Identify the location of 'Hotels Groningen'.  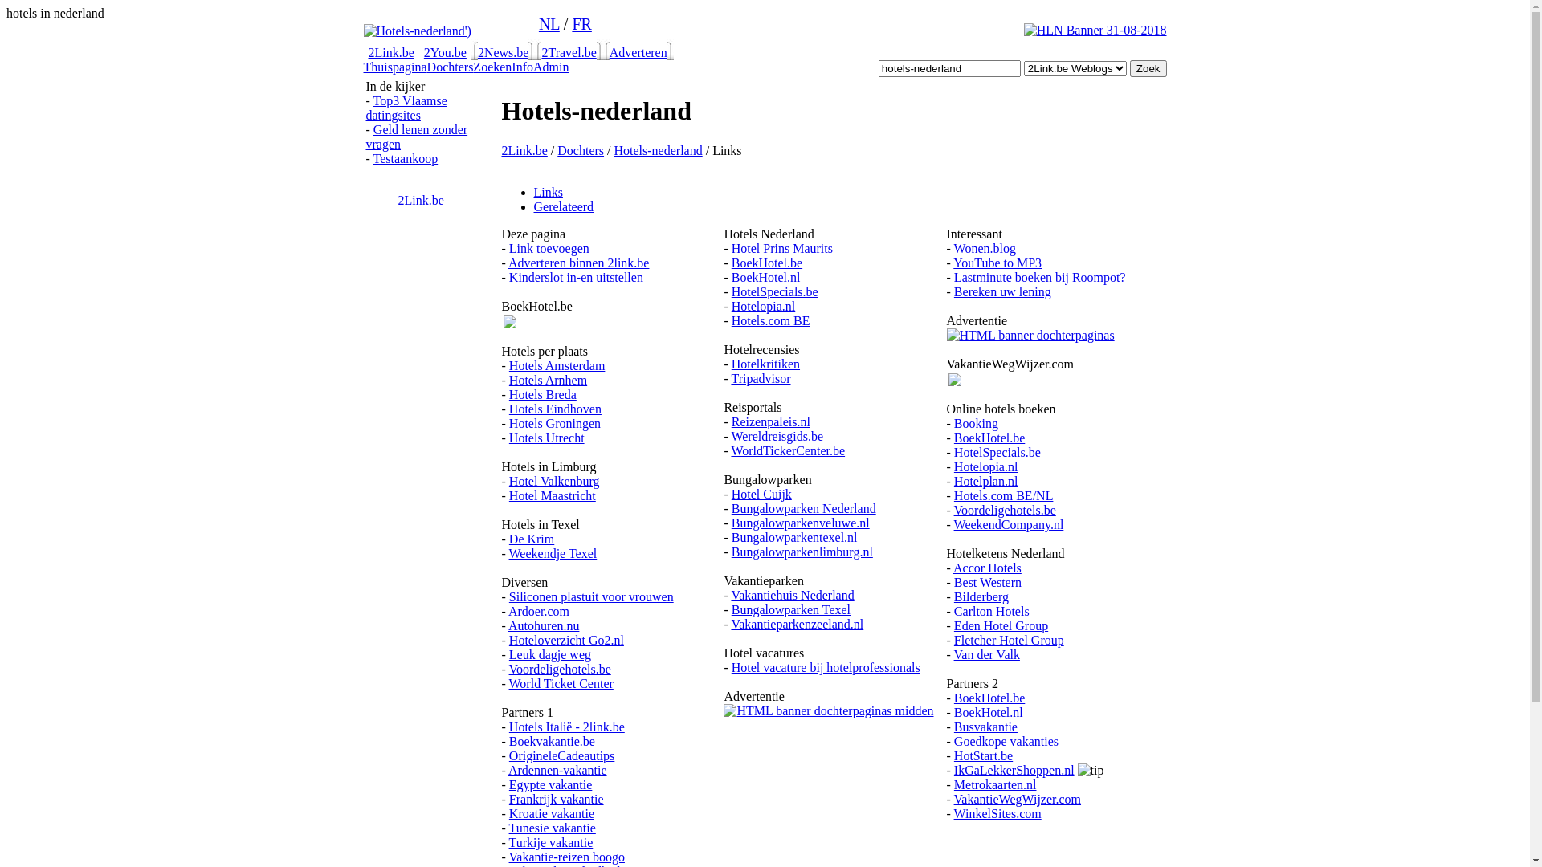
(508, 422).